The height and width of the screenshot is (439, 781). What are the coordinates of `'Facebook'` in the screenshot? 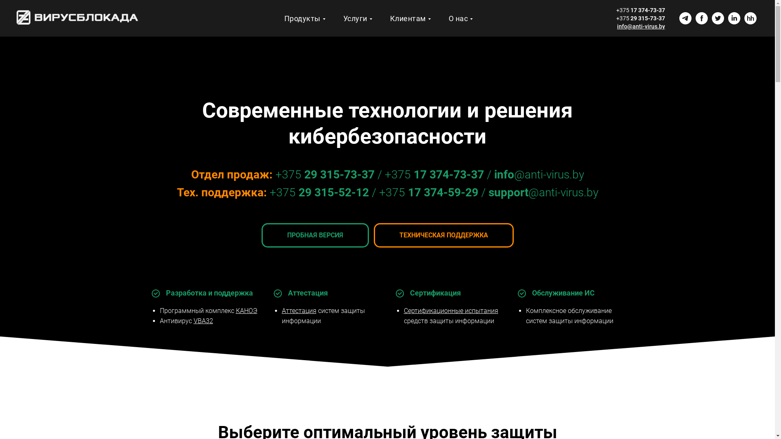 It's located at (695, 18).